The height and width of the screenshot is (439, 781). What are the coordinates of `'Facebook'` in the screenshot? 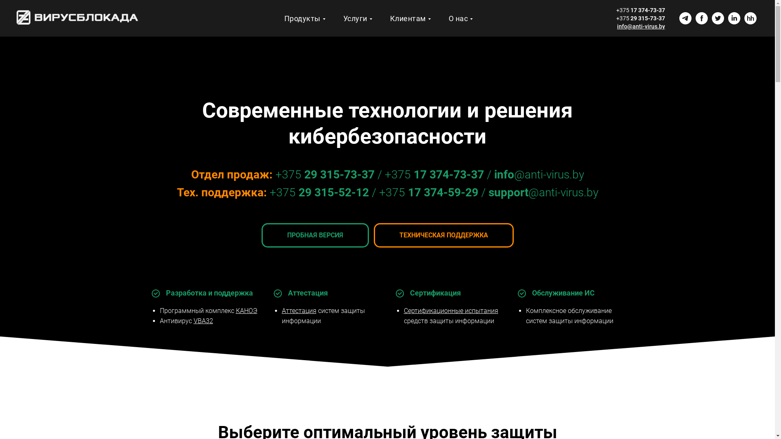 It's located at (695, 18).